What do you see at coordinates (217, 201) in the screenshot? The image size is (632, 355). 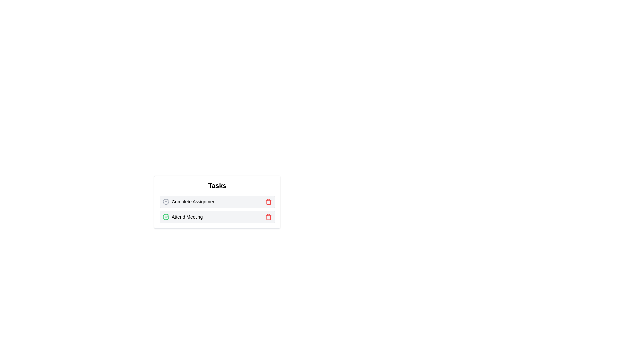 I see `the interactive elements within the 'Tasks' card UI component, such as the task items or icons, located at the specified center coordinates` at bounding box center [217, 201].